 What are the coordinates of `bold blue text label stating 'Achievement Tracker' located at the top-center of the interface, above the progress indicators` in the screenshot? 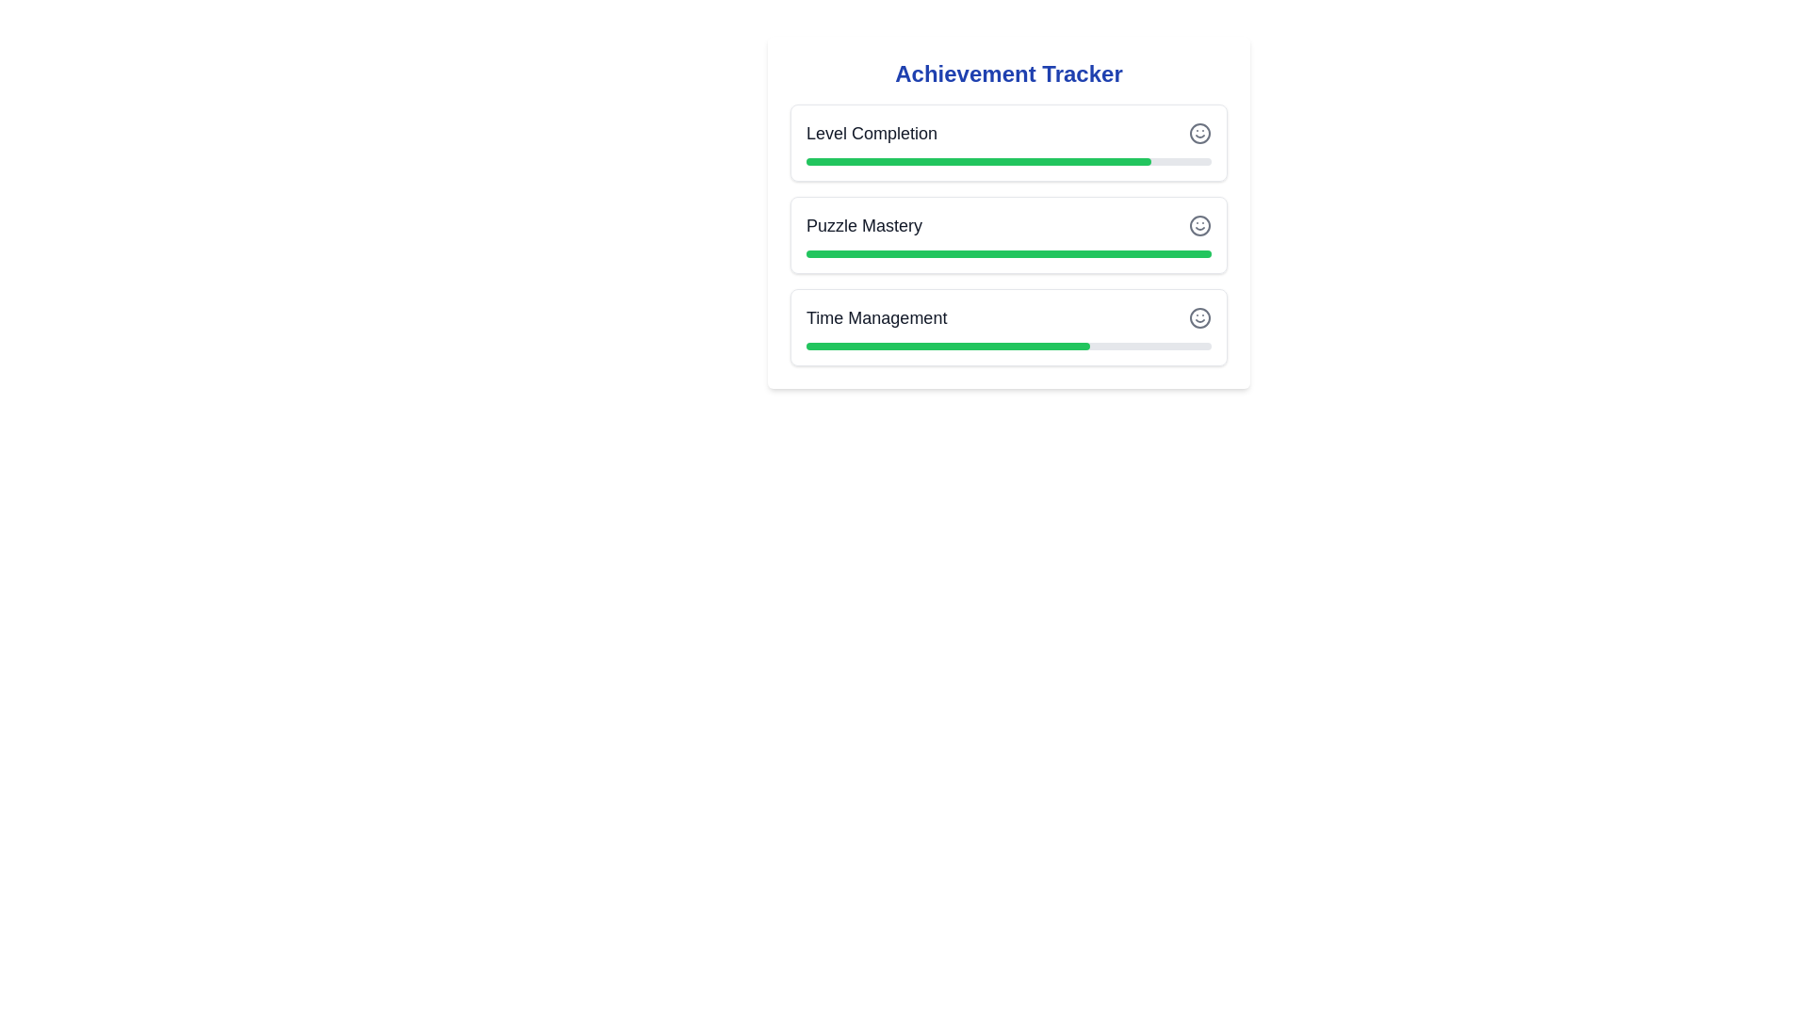 It's located at (1007, 73).